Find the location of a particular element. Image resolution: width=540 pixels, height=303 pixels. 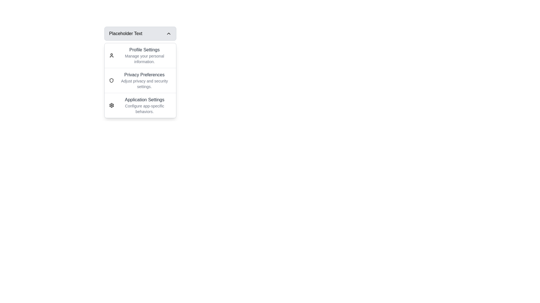

the shield-shaped icon associated with the 'Privacy Preferences' menu item, located directly to the left of the text 'Privacy Preferences' is located at coordinates (111, 80).